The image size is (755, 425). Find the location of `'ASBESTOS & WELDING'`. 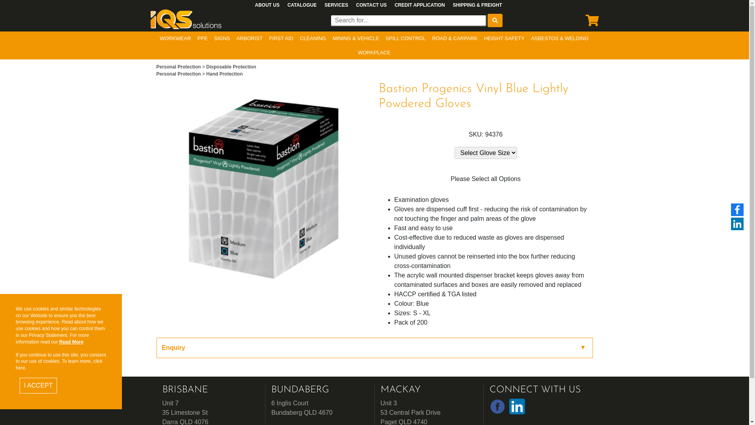

'ASBESTOS & WELDING' is located at coordinates (559, 38).